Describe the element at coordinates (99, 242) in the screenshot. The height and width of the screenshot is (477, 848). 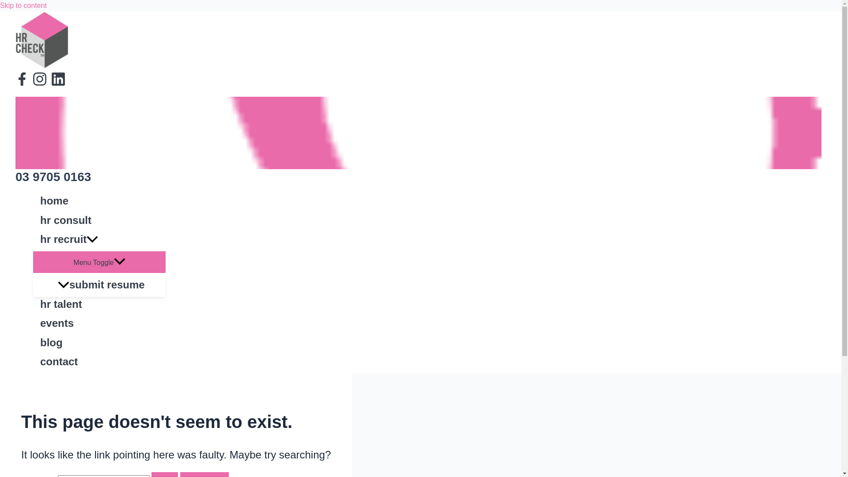
I see `'hr recruit'` at that location.